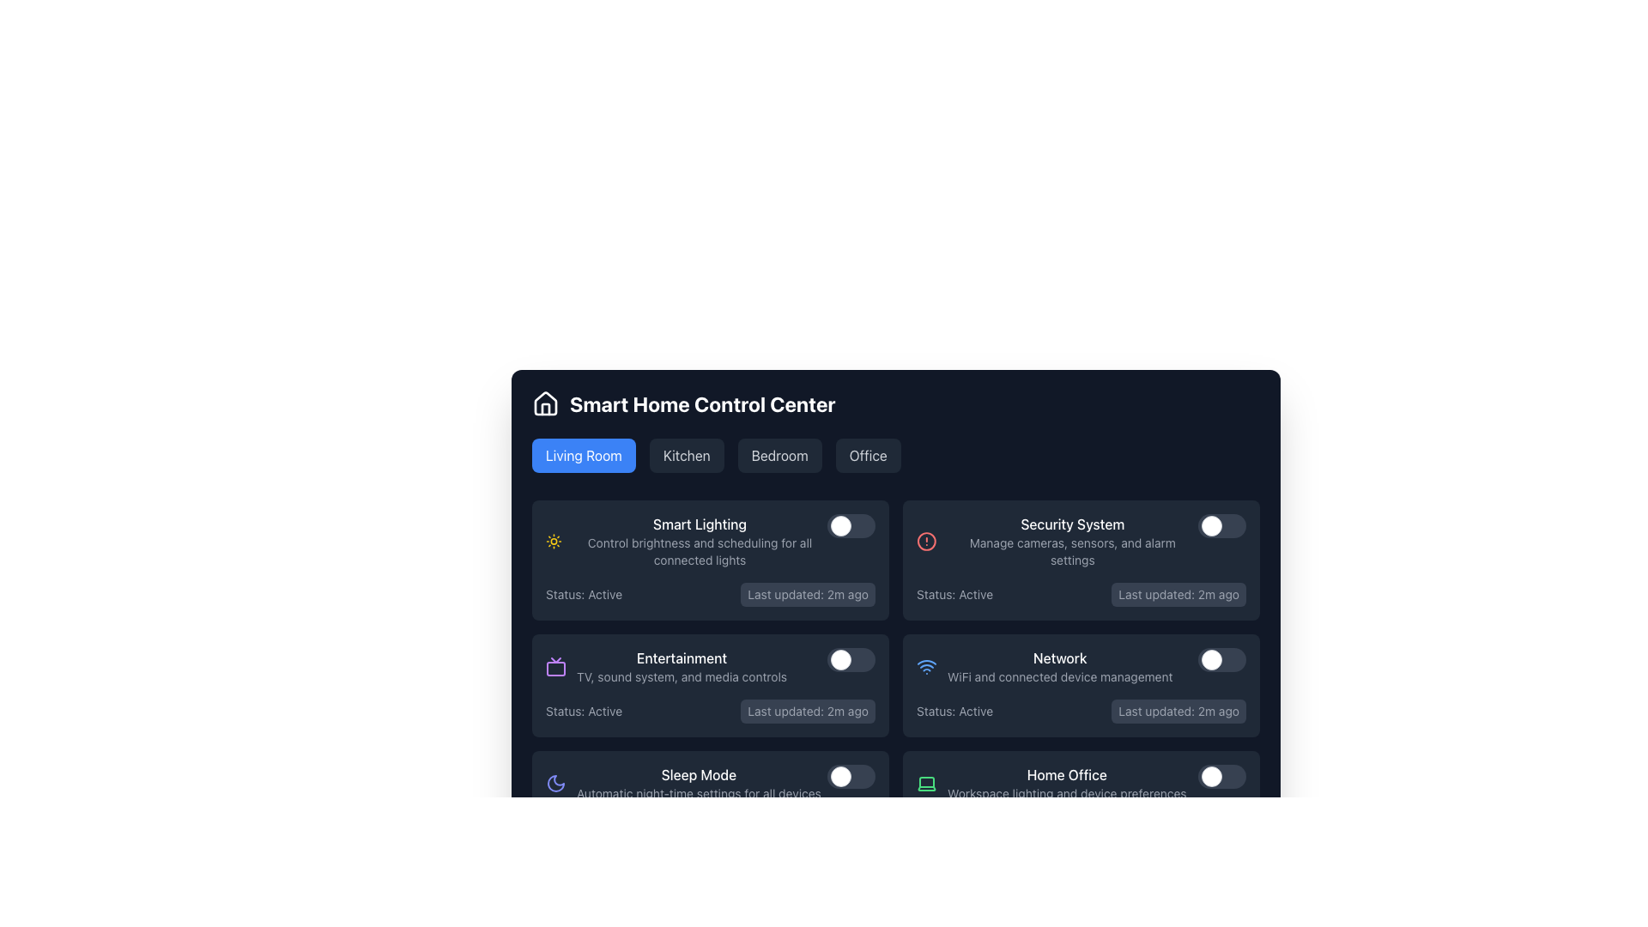 This screenshot has width=1648, height=927. I want to click on the 'Bedroom' navigation button, so click(779, 455).